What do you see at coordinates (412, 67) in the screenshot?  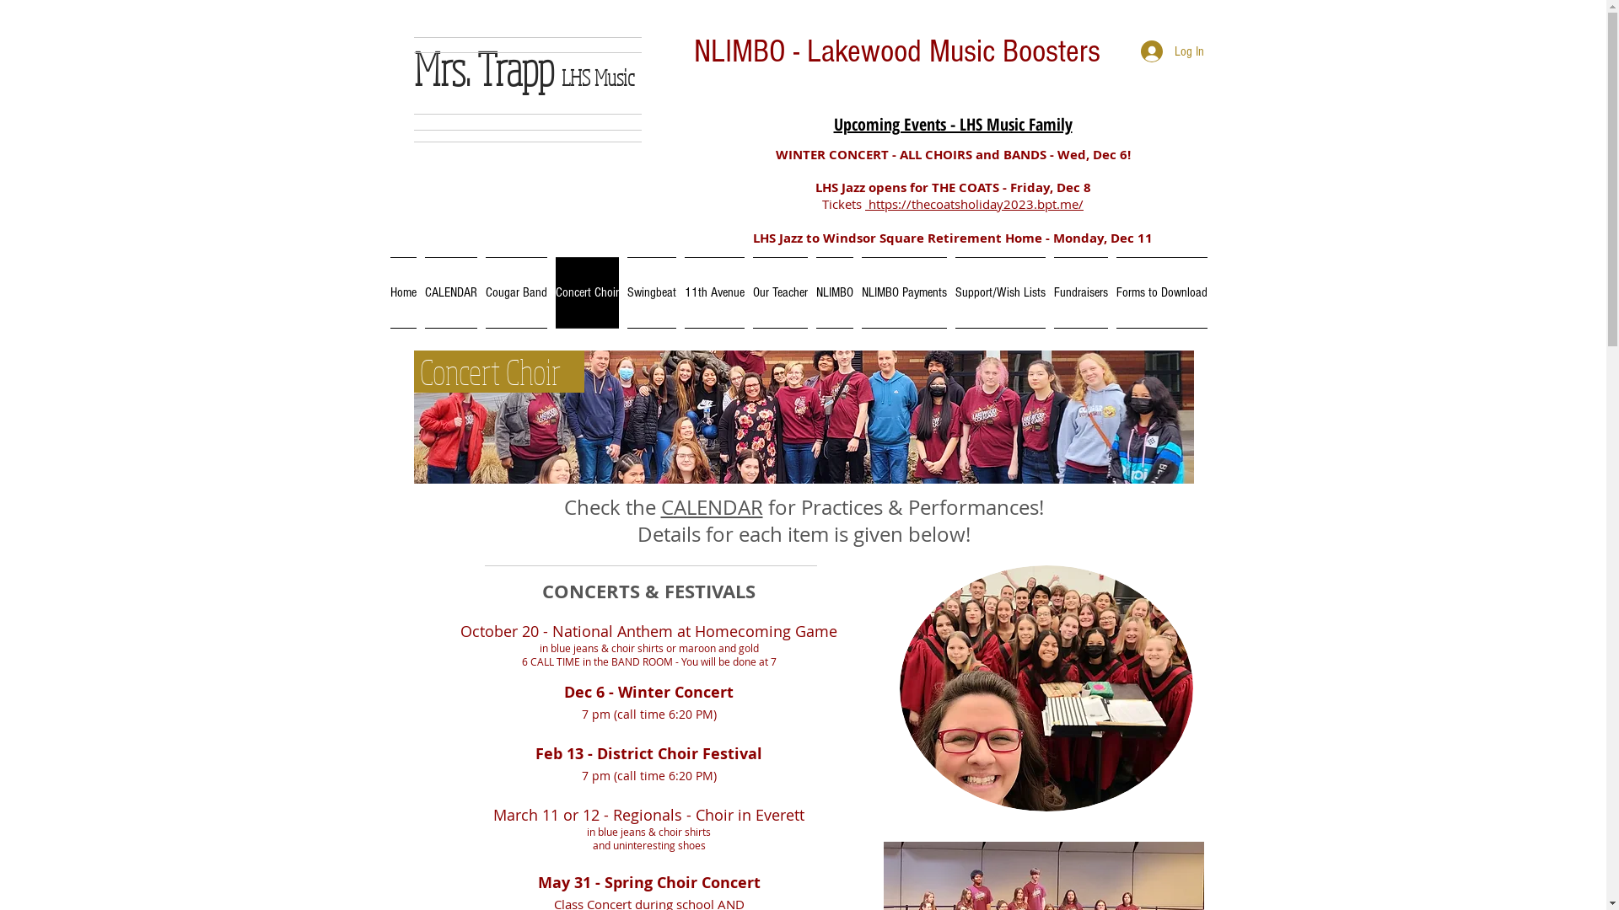 I see `'Mrs. Trapp'` at bounding box center [412, 67].